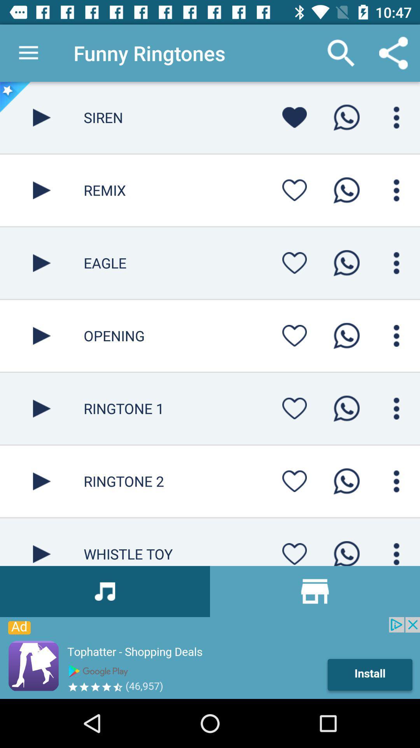  I want to click on button, so click(294, 263).